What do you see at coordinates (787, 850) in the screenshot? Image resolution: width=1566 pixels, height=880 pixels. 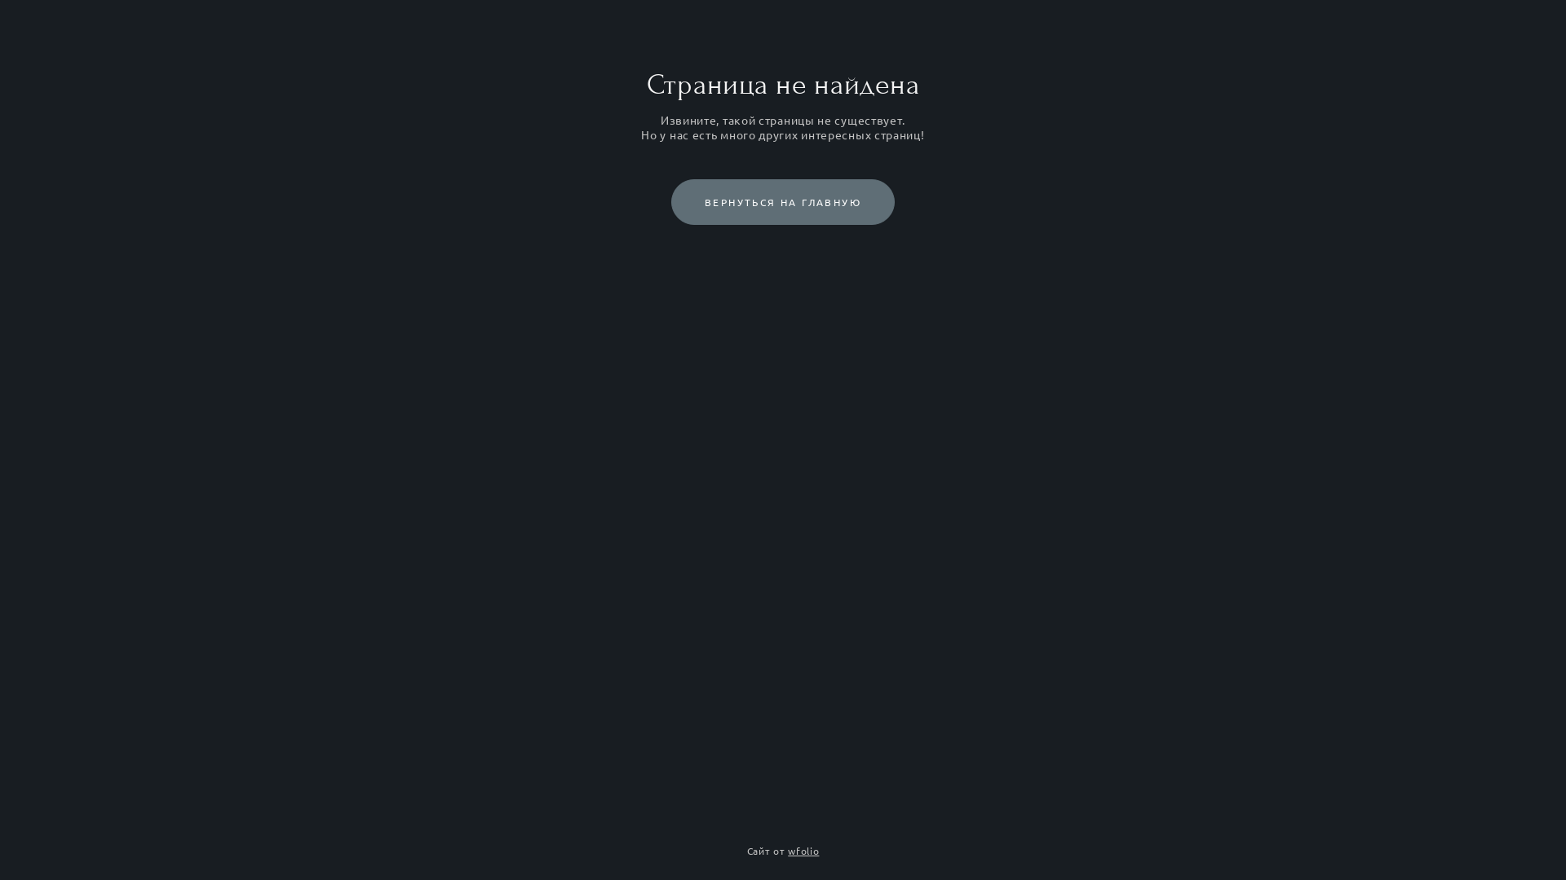 I see `'wfolio'` at bounding box center [787, 850].